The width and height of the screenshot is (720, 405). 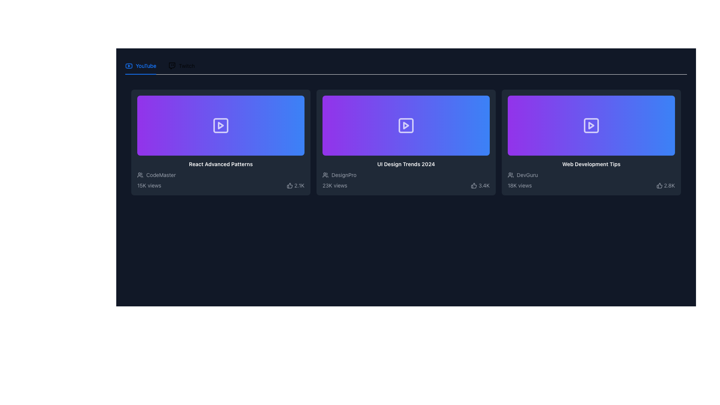 I want to click on the YouTube icon located at the top-left corner of the interface, adjacent to the 'YouTube' text and to the left of the 'Twitch' text, so click(x=129, y=66).